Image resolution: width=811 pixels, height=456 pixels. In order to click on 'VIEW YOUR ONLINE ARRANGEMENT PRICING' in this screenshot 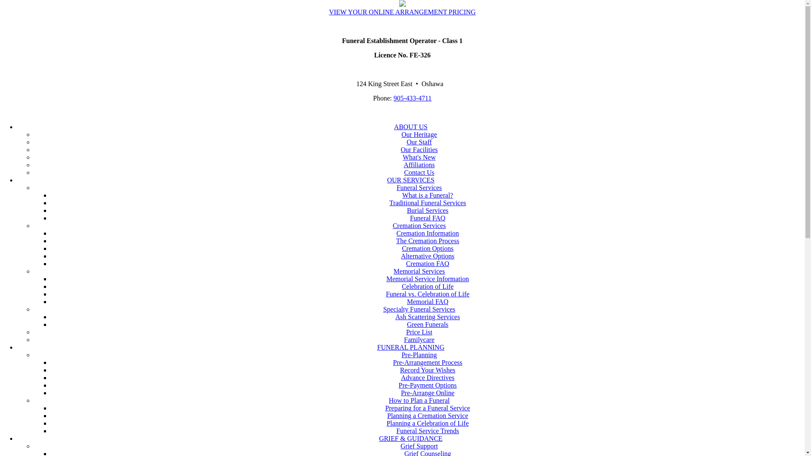, I will do `click(328, 12)`.